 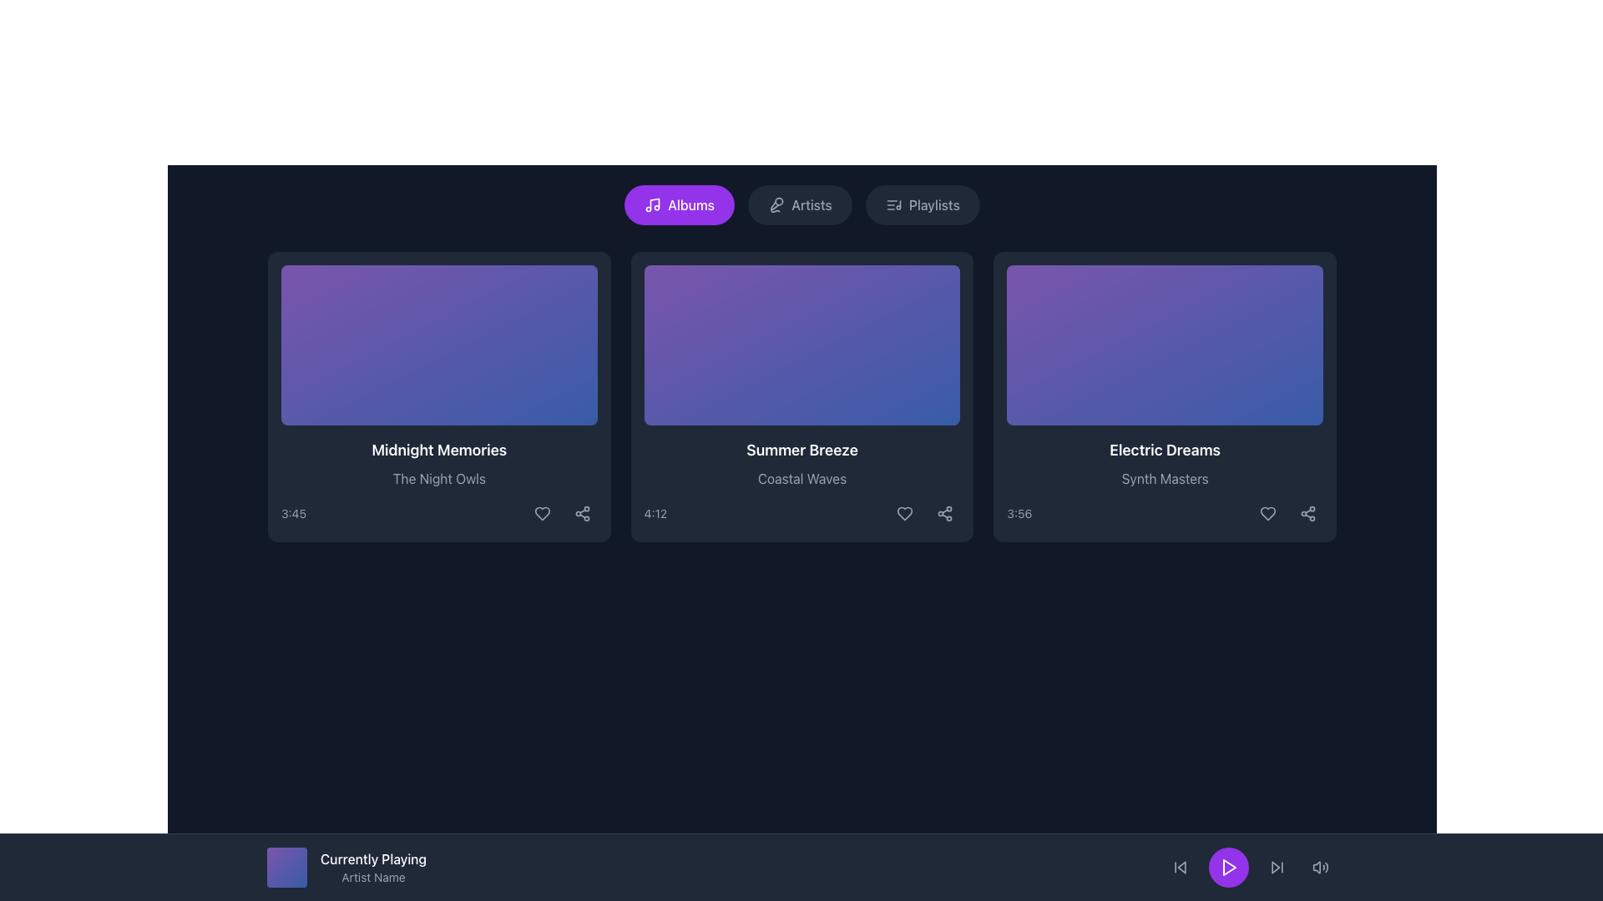 I want to click on the heart-shaped icon button located in the bottom right corner of the 'Electric Dreams' card, so click(x=1267, y=513).